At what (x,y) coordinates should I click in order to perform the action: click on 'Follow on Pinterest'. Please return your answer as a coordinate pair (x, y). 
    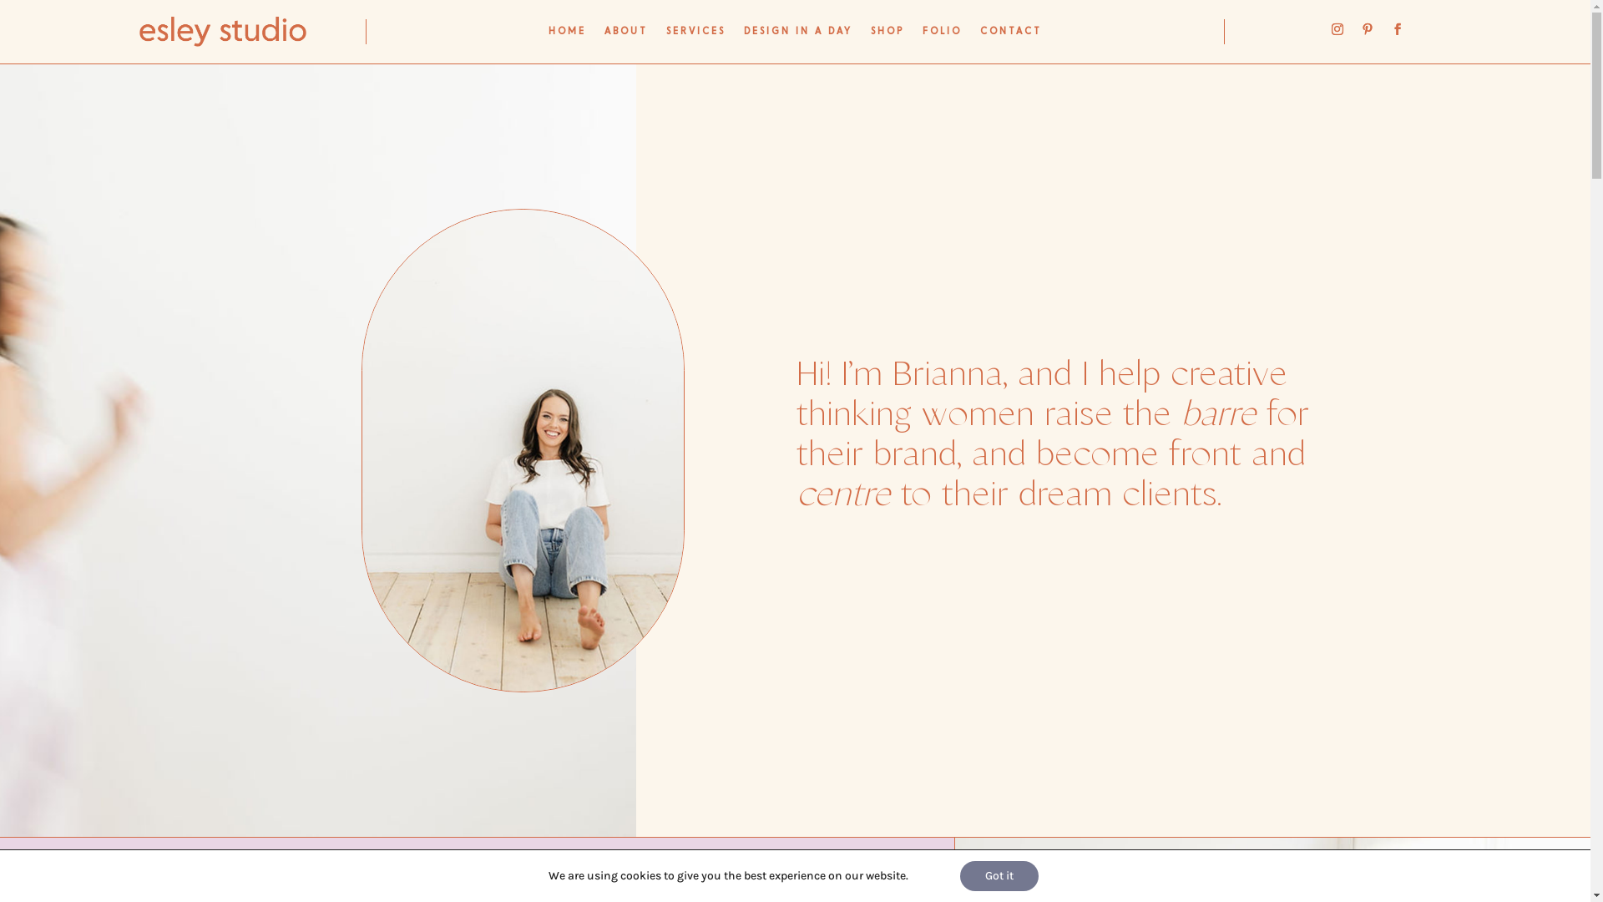
    Looking at the image, I should click on (1367, 28).